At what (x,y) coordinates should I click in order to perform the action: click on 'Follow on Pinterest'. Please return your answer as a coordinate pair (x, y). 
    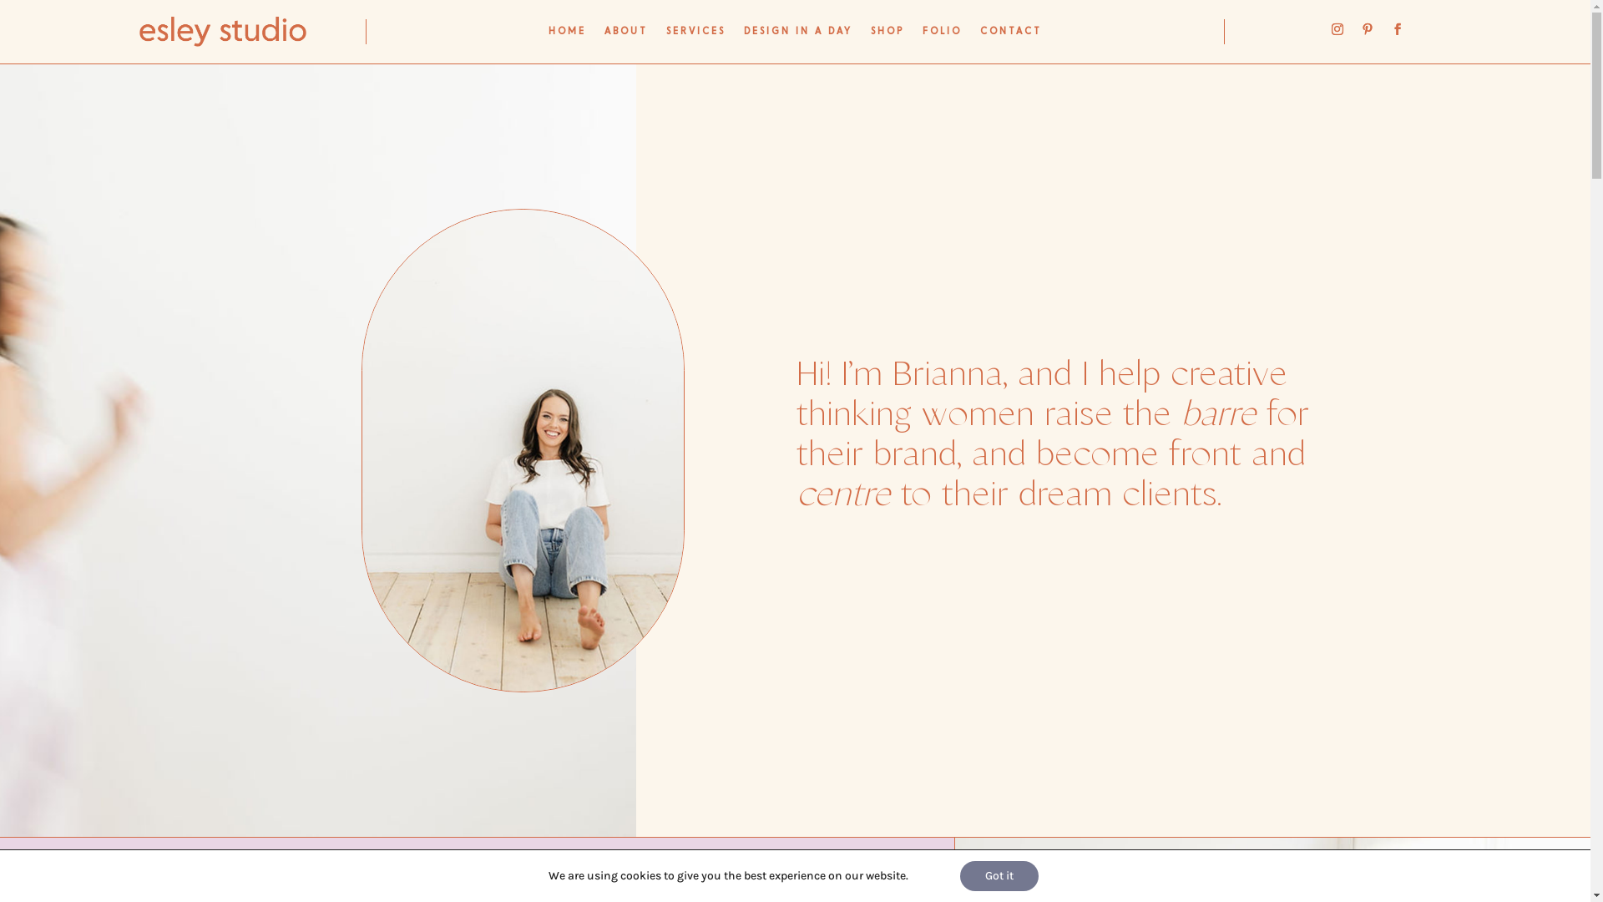
    Looking at the image, I should click on (1367, 28).